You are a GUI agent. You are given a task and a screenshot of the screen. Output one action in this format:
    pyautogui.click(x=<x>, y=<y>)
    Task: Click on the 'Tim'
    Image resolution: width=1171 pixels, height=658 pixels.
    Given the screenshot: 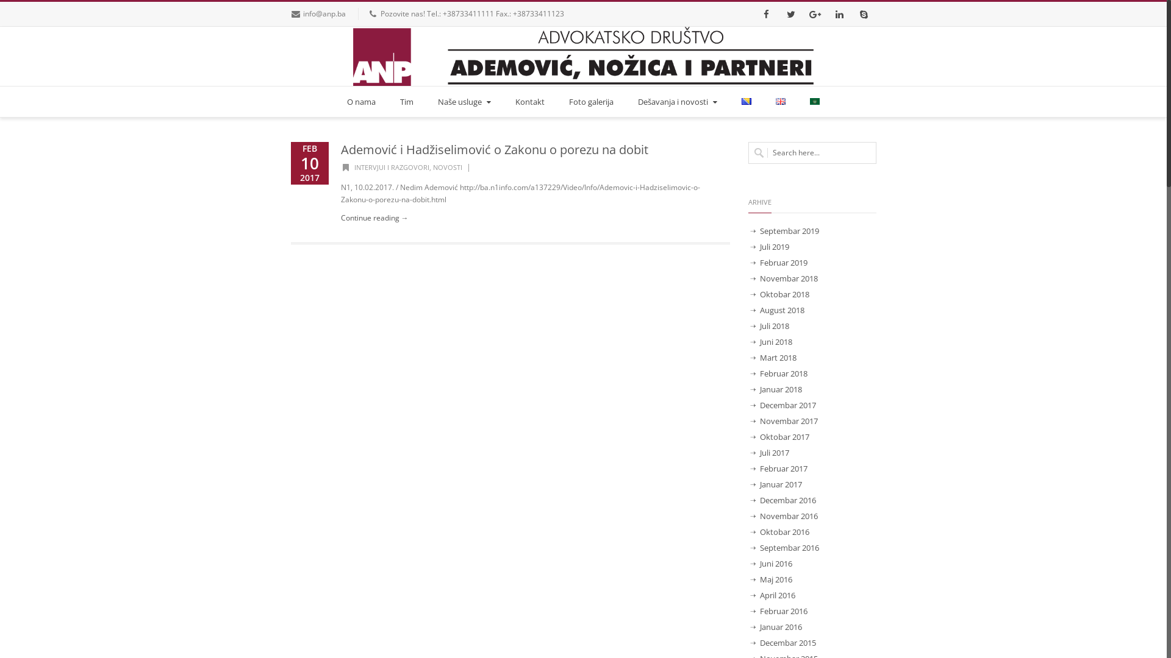 What is the action you would take?
    pyautogui.click(x=407, y=101)
    